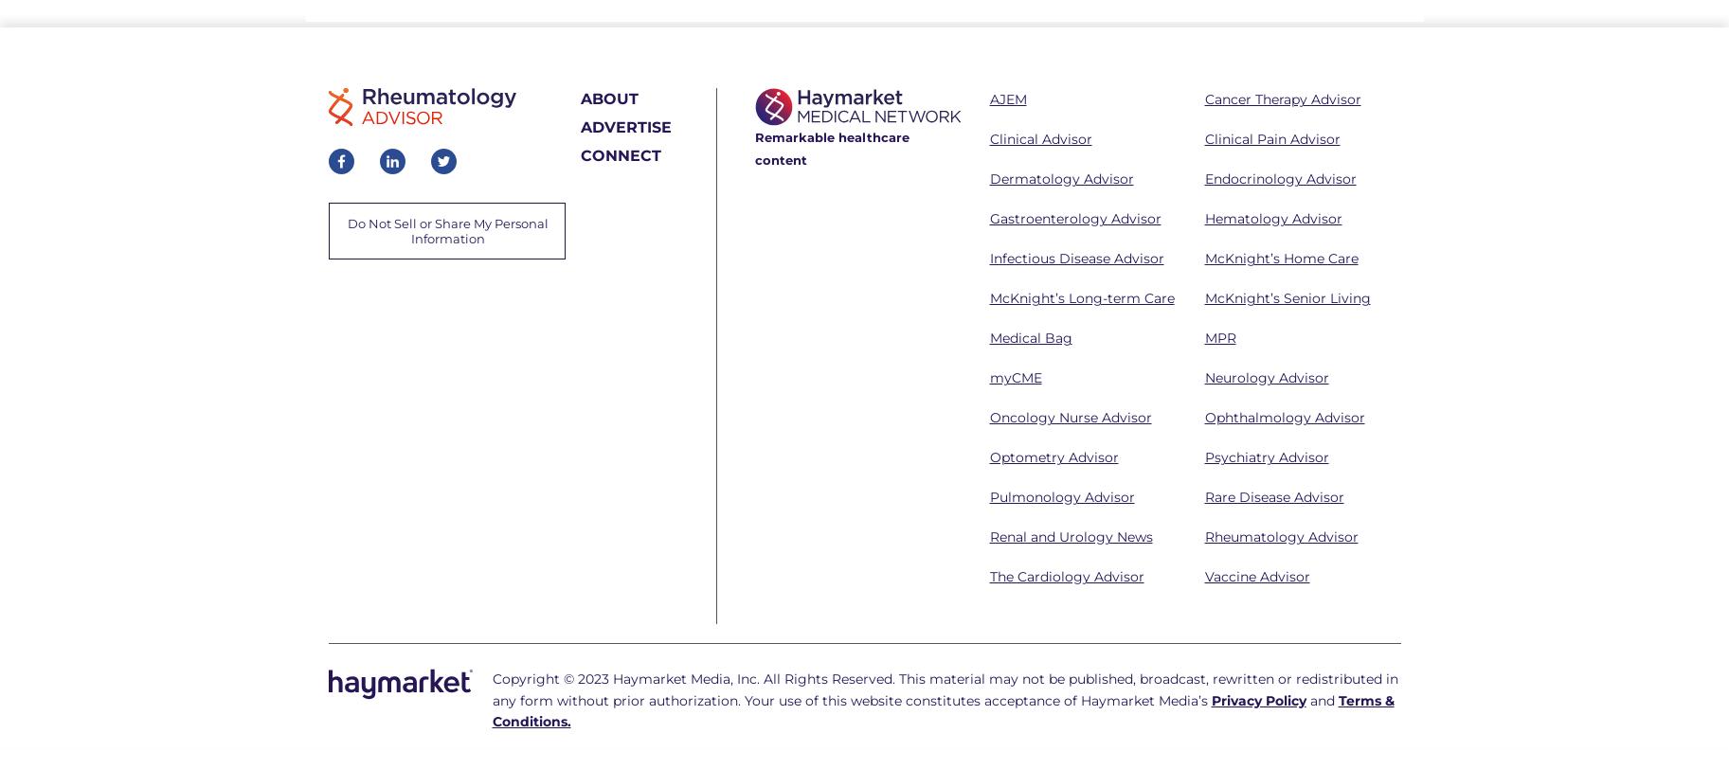 The width and height of the screenshot is (1729, 769). Describe the element at coordinates (1065, 577) in the screenshot. I see `'The Cardiology Advisor'` at that location.